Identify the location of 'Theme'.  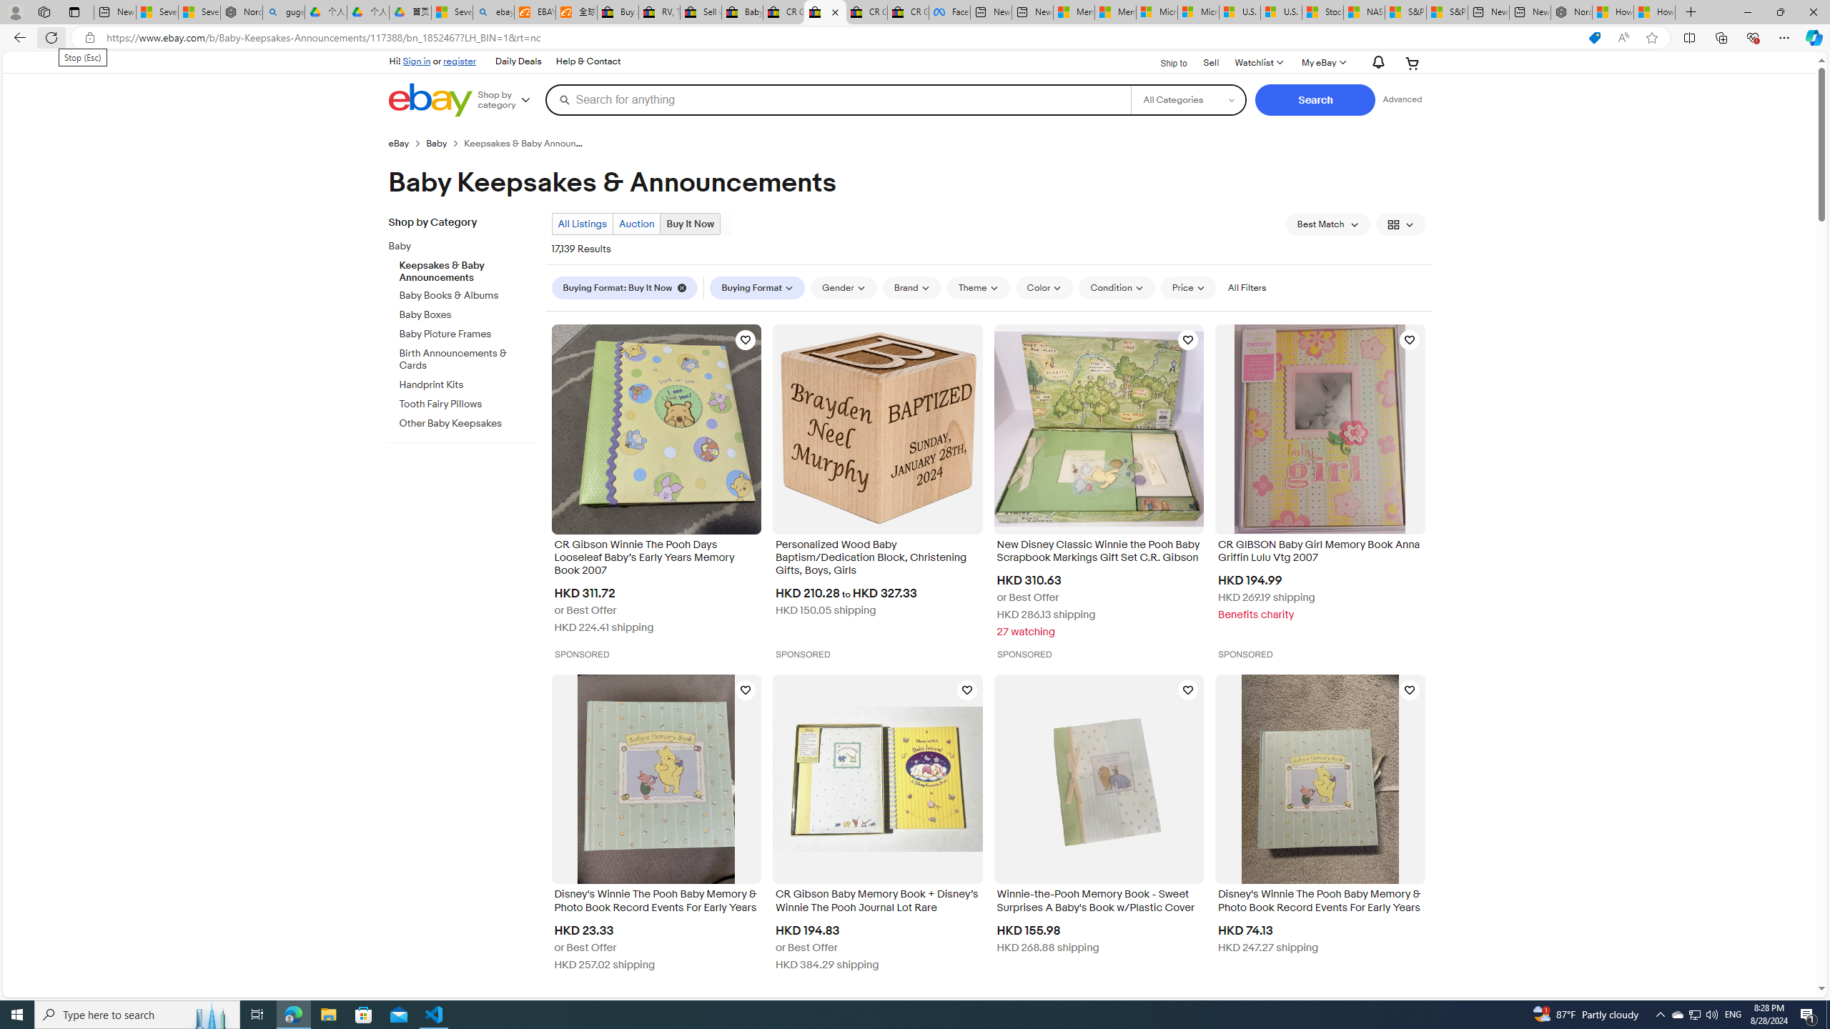
(977, 287).